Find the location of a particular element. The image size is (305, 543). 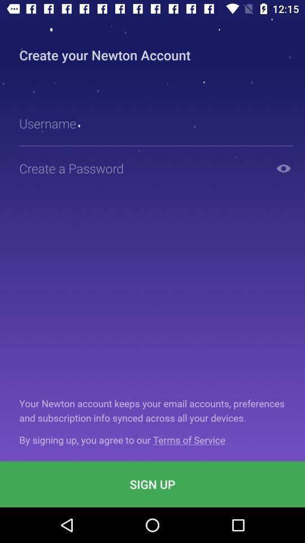

username is located at coordinates (158, 123).